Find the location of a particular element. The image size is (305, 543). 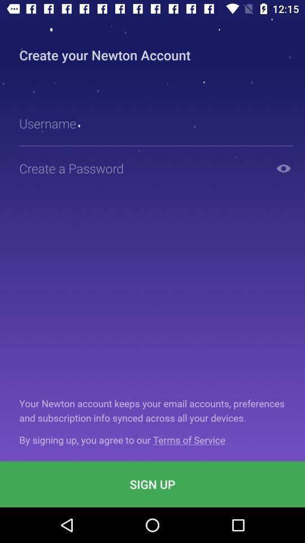

username is located at coordinates (158, 123).